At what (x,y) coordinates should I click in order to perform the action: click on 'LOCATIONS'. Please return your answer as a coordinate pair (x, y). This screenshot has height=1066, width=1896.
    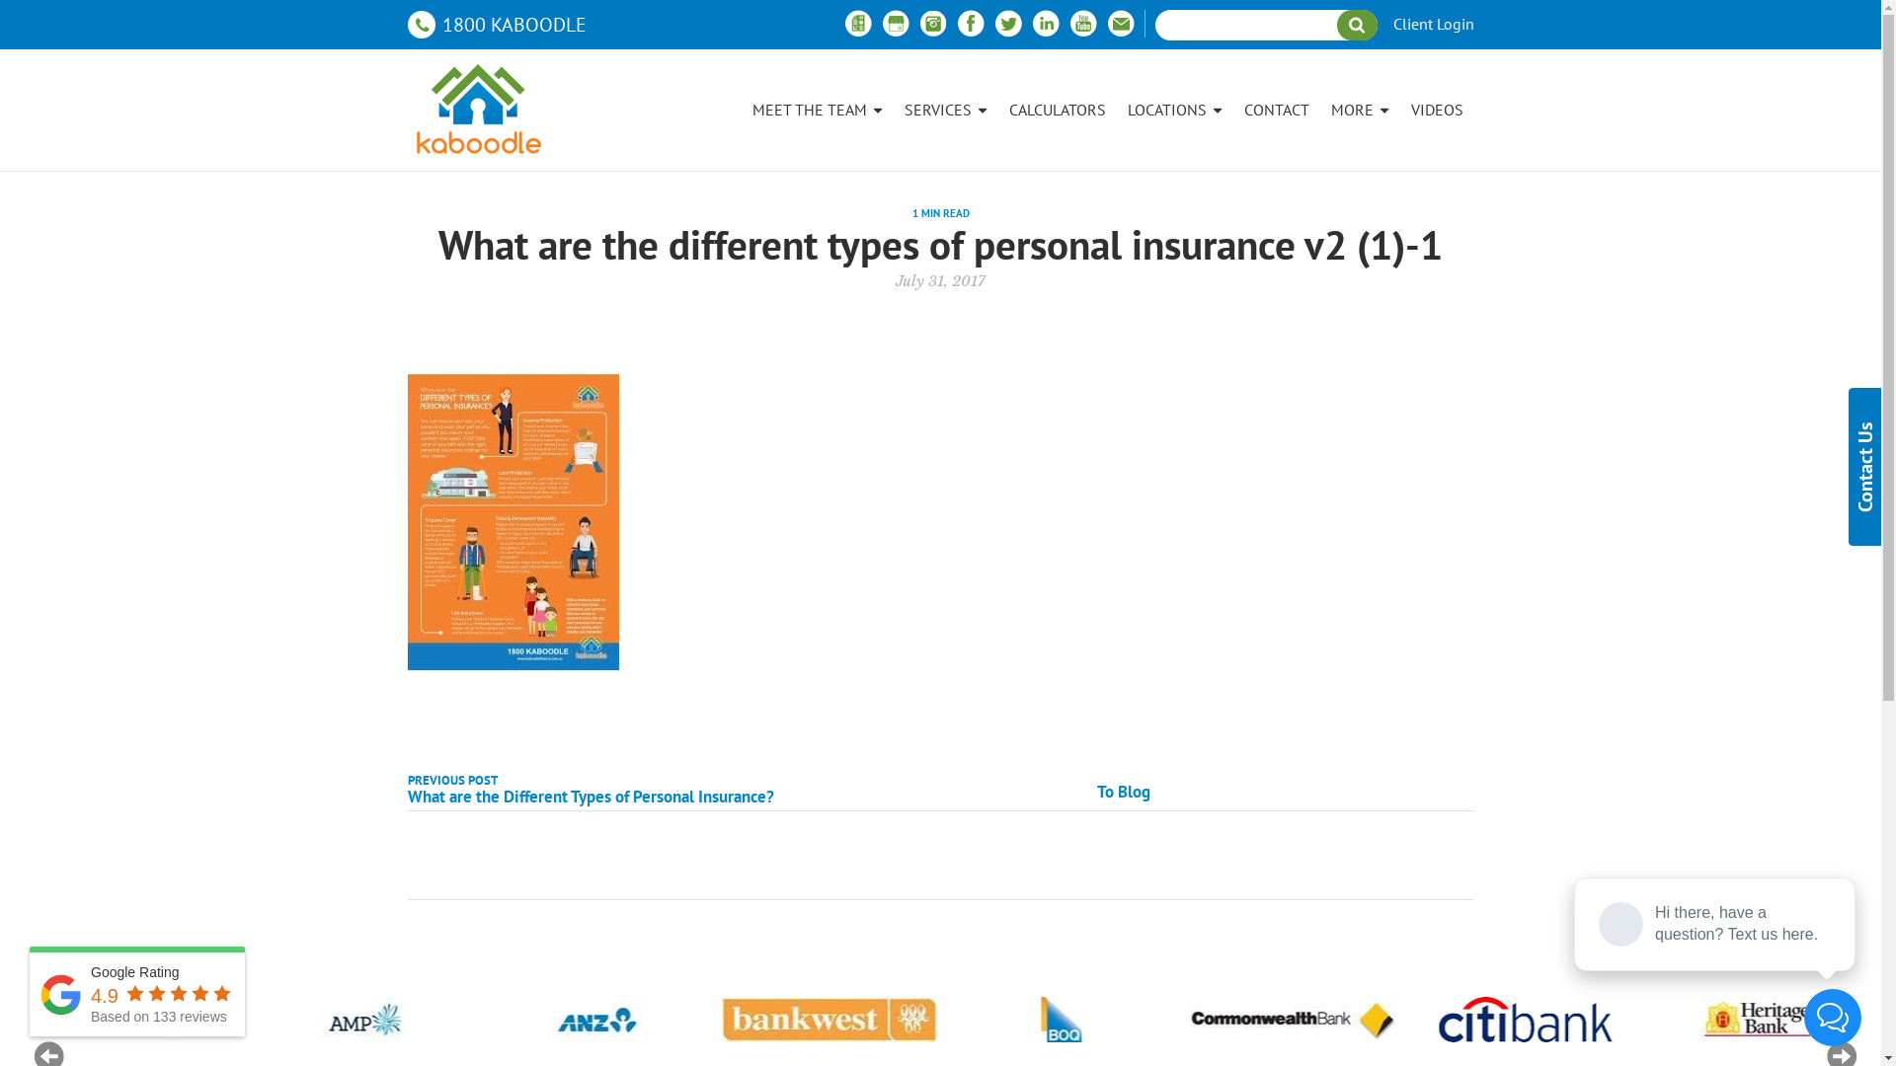
    Looking at the image, I should click on (1174, 110).